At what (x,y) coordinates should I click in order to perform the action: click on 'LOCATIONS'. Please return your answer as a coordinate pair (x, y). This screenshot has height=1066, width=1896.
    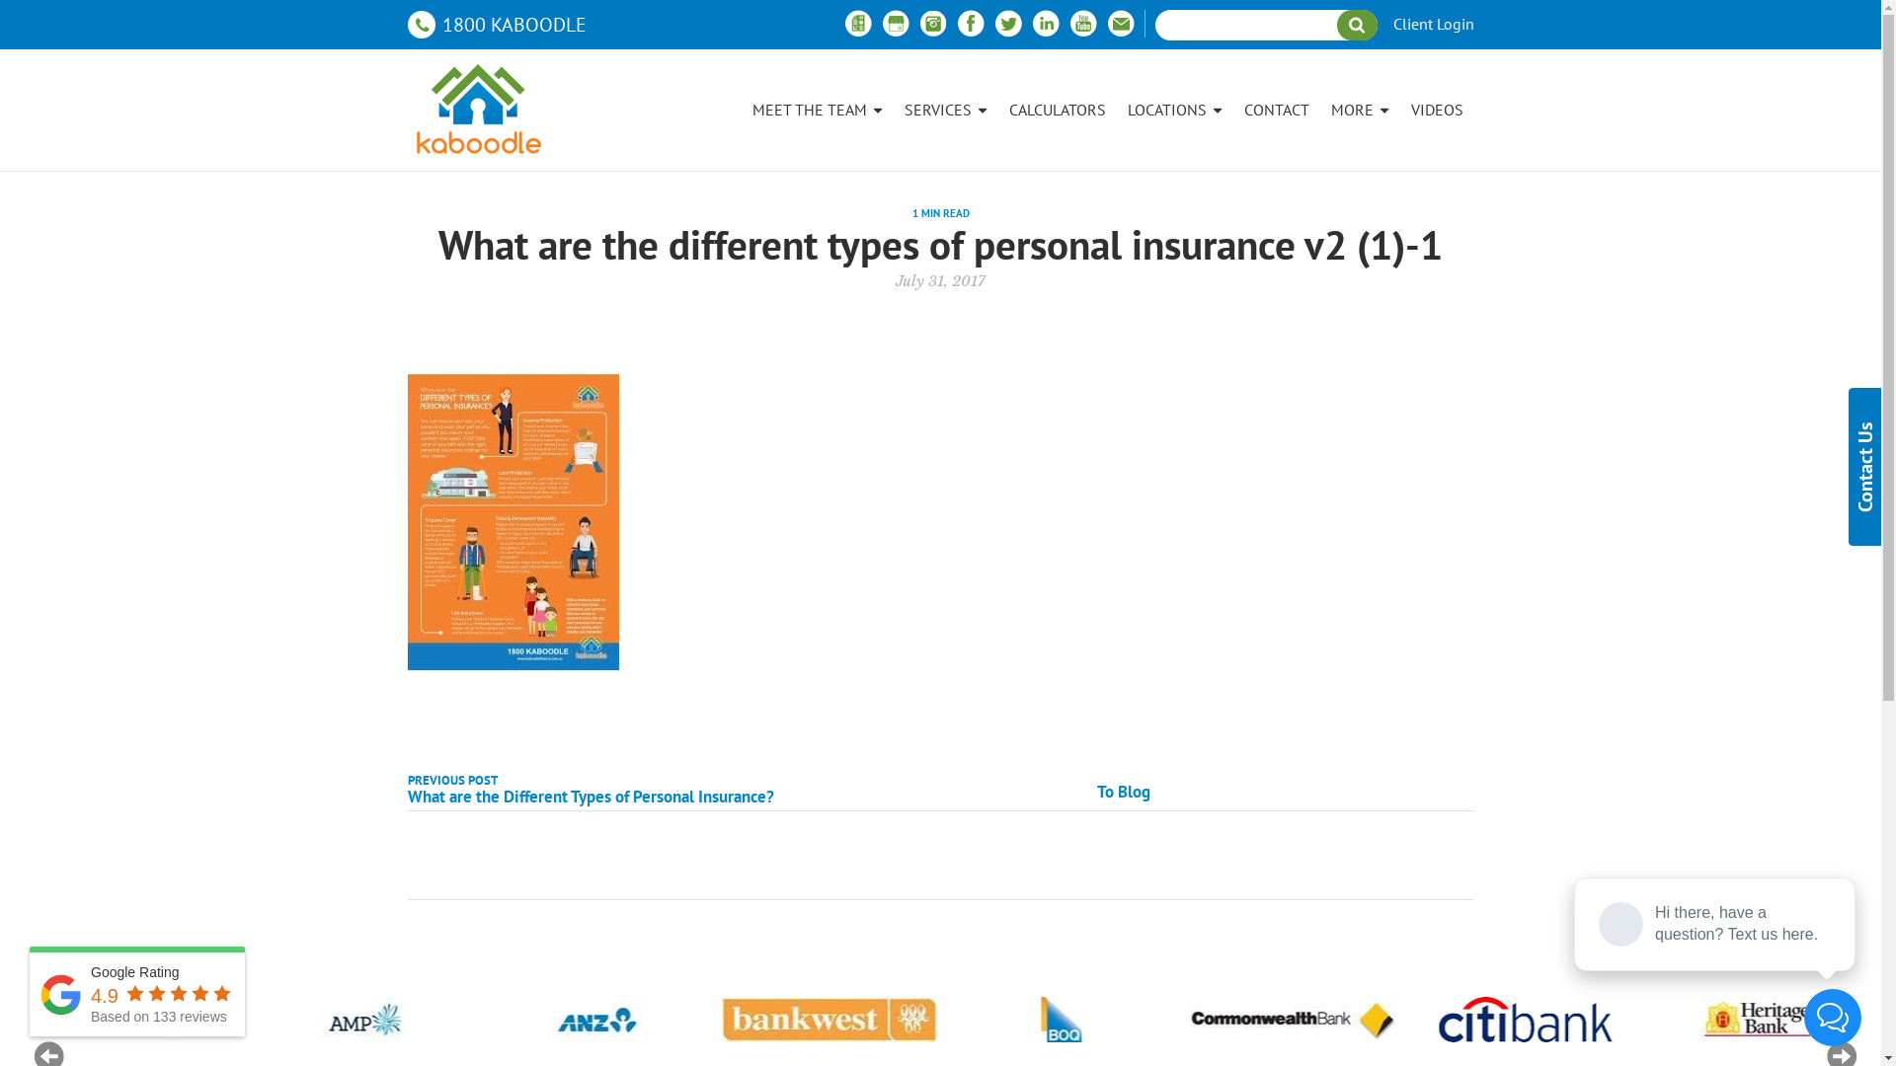
    Looking at the image, I should click on (1174, 110).